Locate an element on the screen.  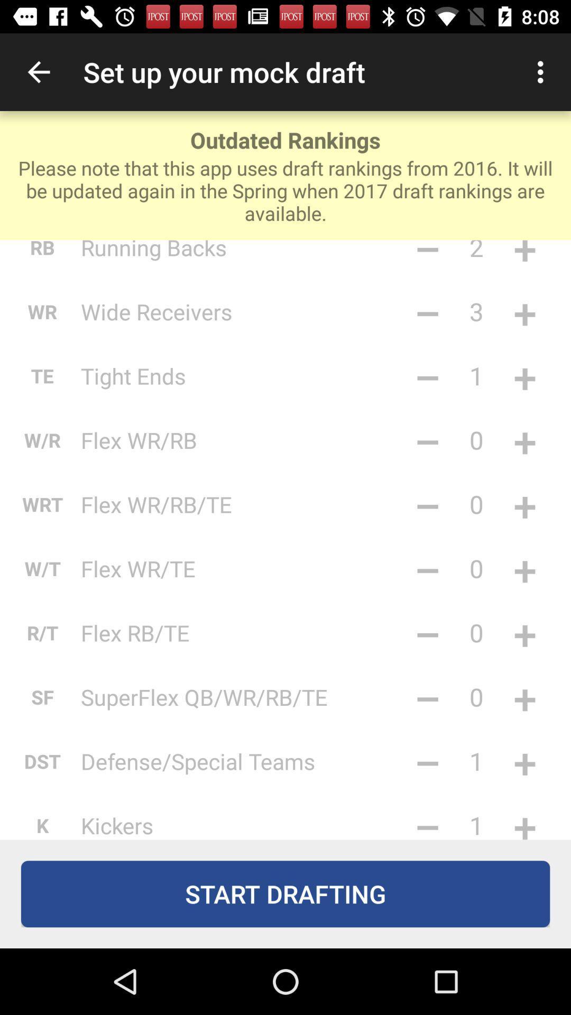
the icon to the left of the kickers item is located at coordinates (42, 822).